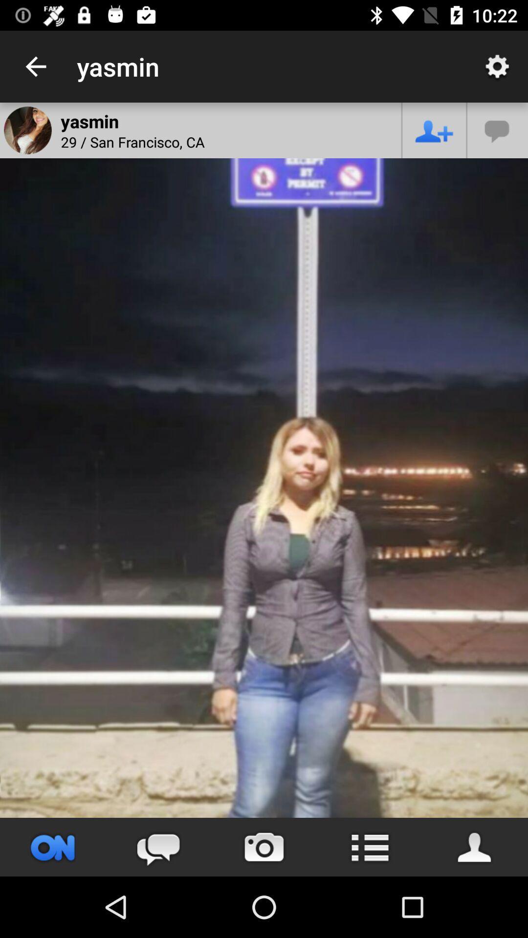 The image size is (528, 938). I want to click on take photo, so click(264, 847).